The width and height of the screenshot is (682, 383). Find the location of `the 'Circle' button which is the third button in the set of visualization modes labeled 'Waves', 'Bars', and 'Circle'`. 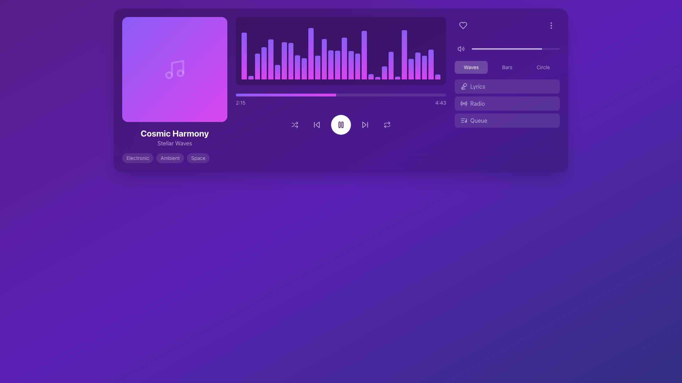

the 'Circle' button which is the third button in the set of visualization modes labeled 'Waves', 'Bars', and 'Circle' is located at coordinates (543, 67).